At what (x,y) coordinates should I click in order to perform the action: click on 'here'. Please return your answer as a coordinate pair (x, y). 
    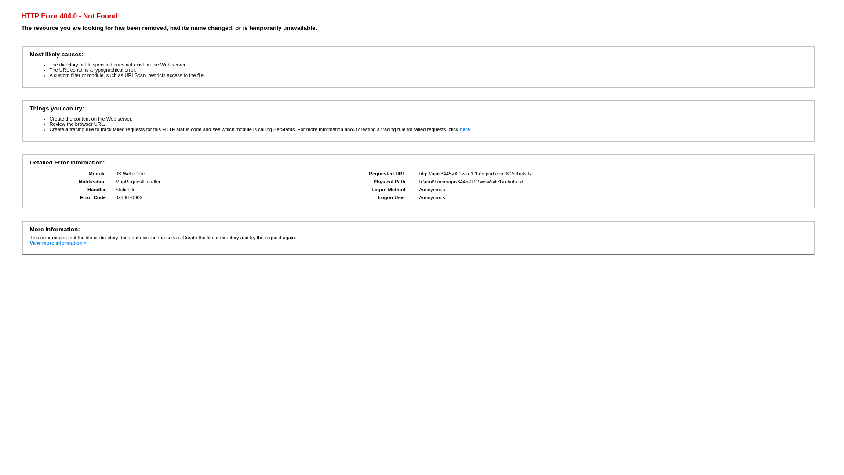
    Looking at the image, I should click on (464, 129).